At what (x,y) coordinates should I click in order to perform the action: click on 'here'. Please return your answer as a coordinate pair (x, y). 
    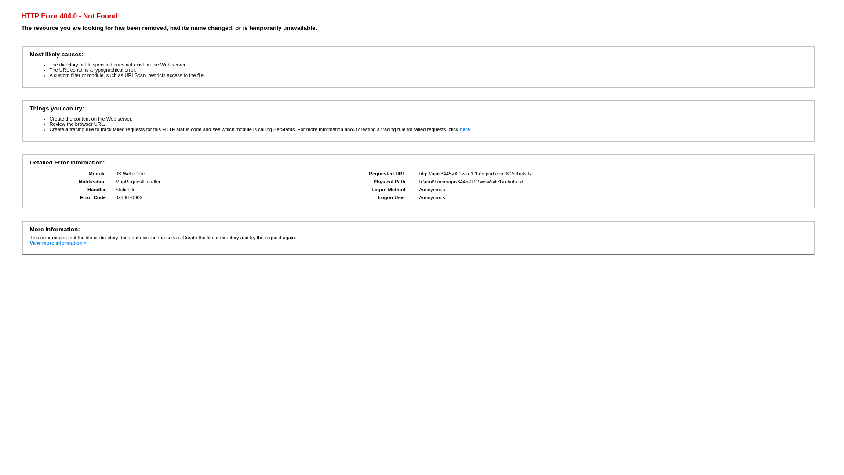
    Looking at the image, I should click on (464, 129).